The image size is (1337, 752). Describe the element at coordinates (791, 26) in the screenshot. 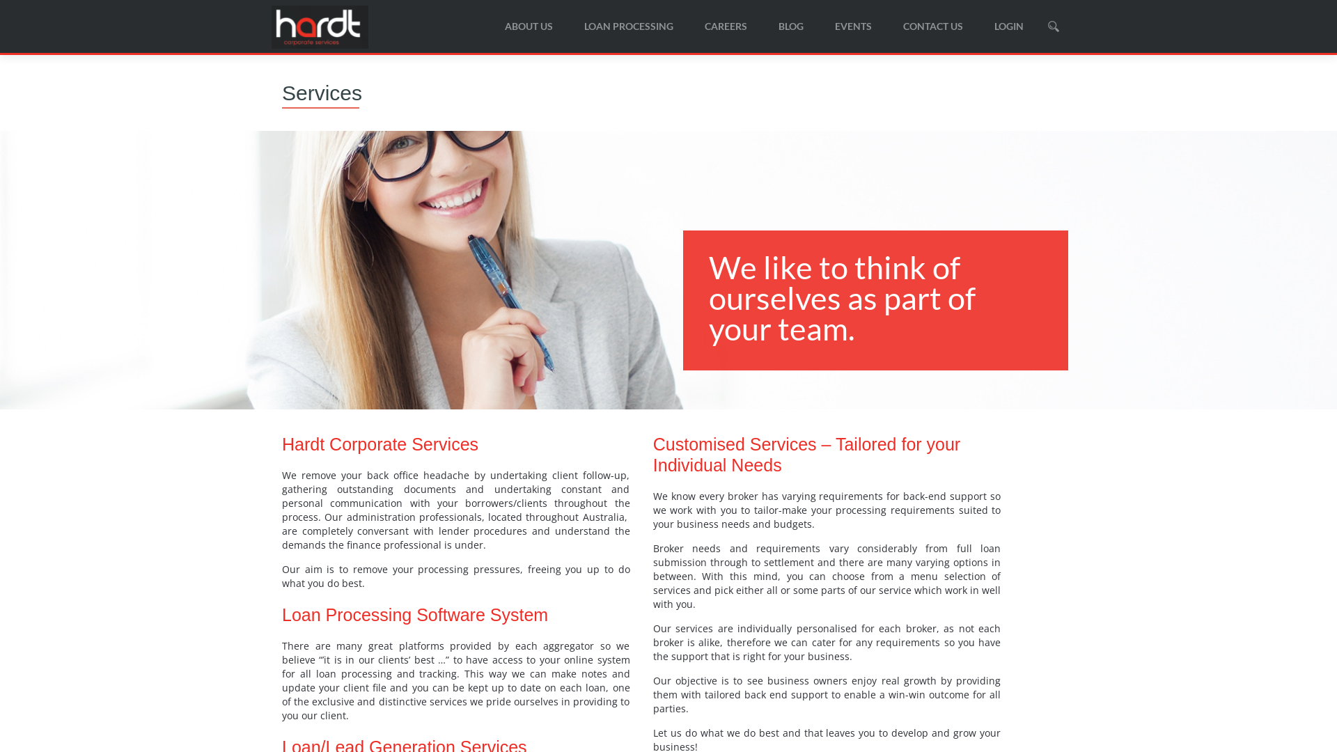

I see `'BLOG'` at that location.